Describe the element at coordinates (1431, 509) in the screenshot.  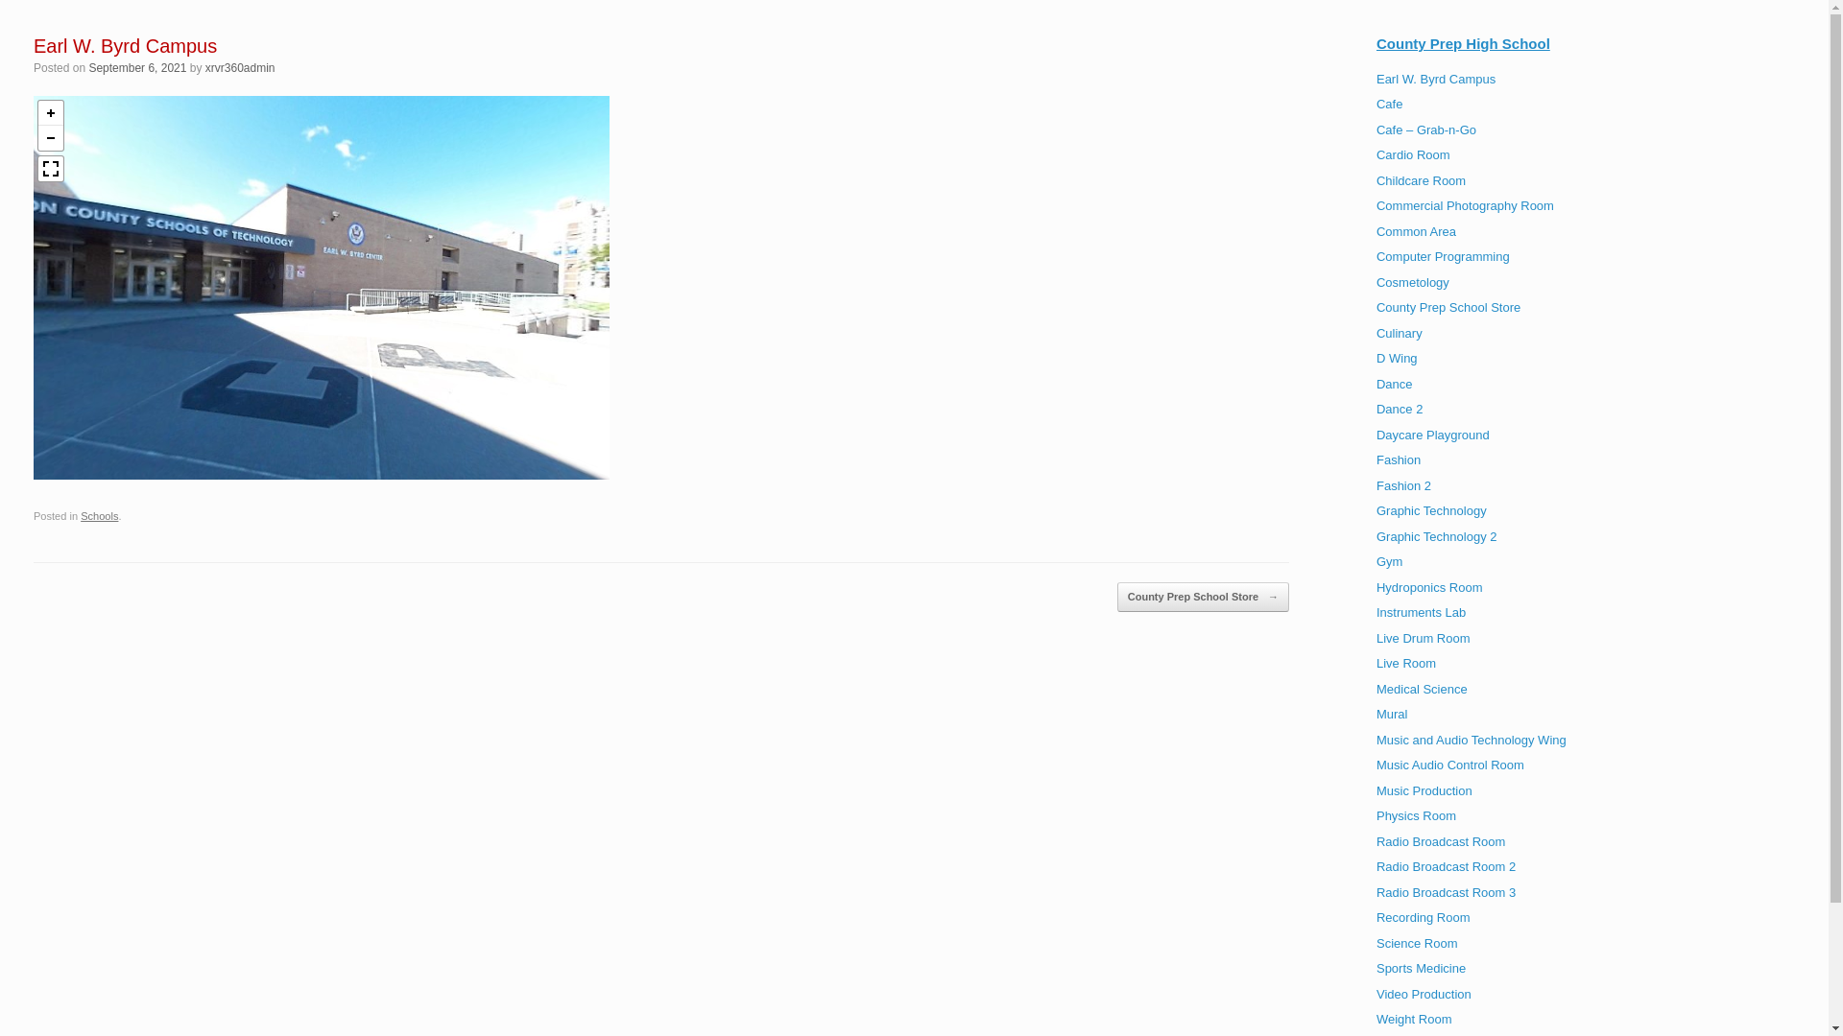
I see `'Graphic Technology'` at that location.